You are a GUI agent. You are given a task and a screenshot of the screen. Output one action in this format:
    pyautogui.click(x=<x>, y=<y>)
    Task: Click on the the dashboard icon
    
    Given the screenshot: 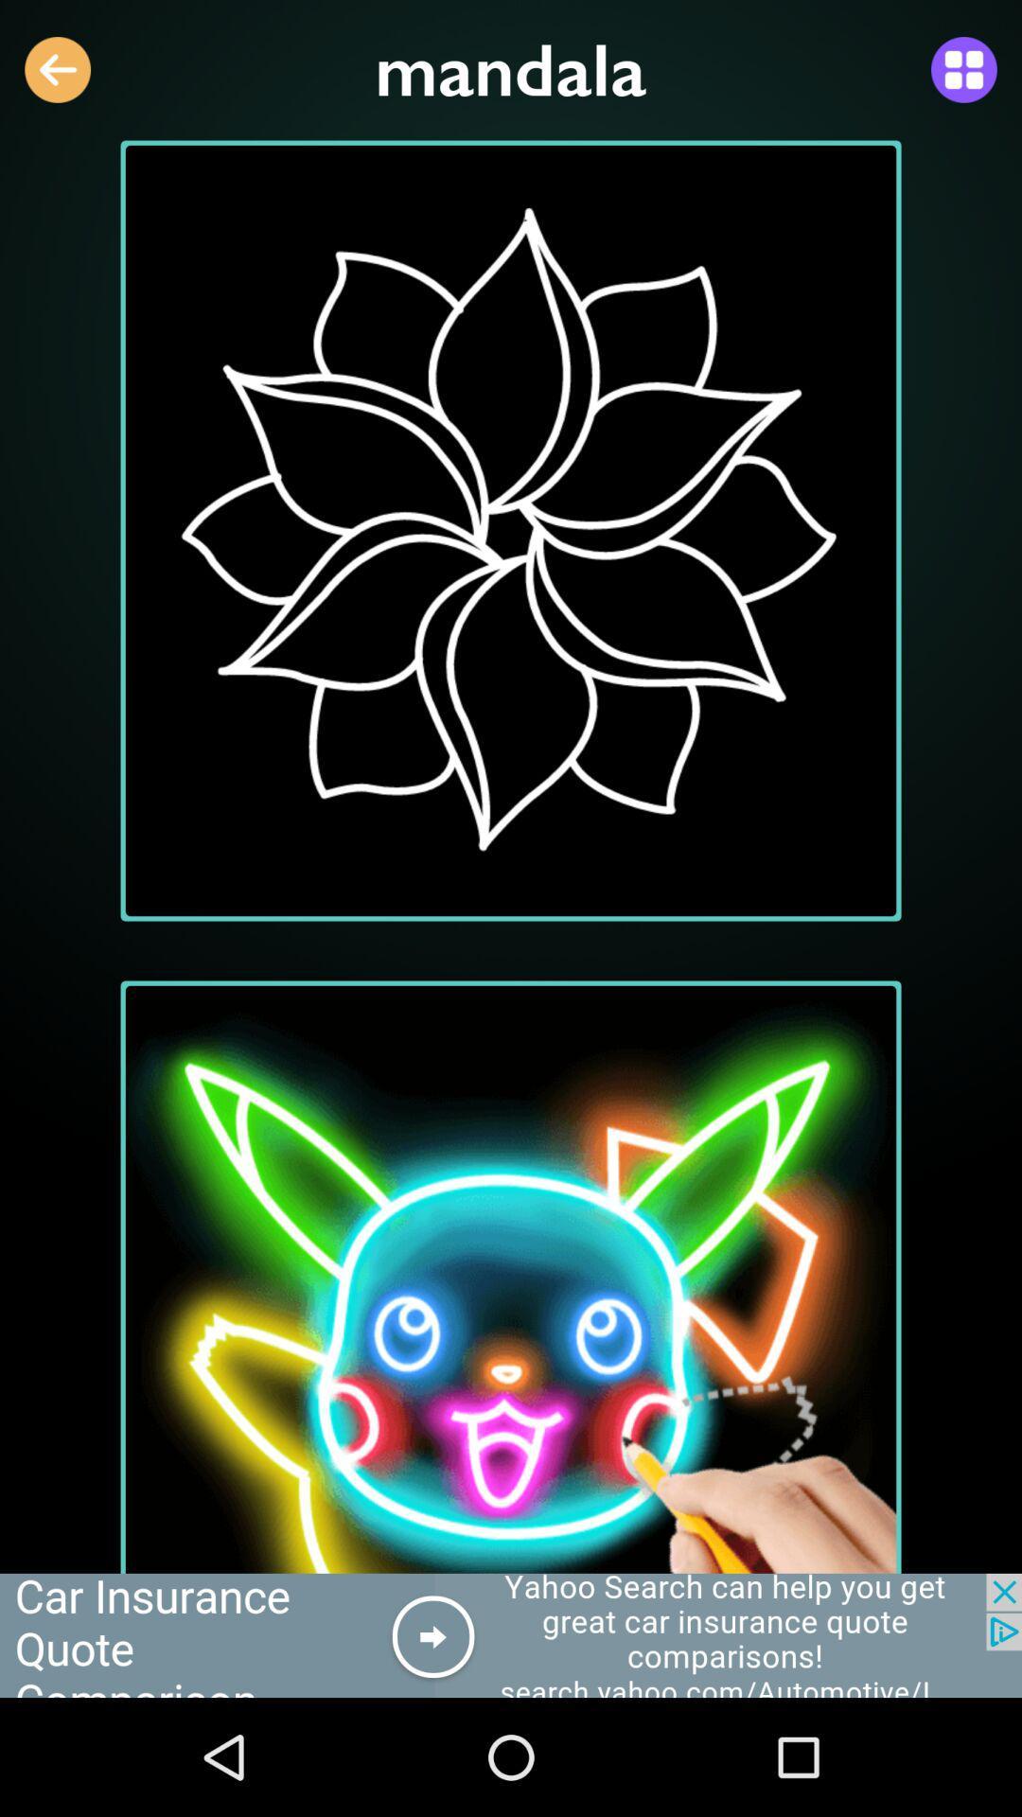 What is the action you would take?
    pyautogui.click(x=963, y=69)
    